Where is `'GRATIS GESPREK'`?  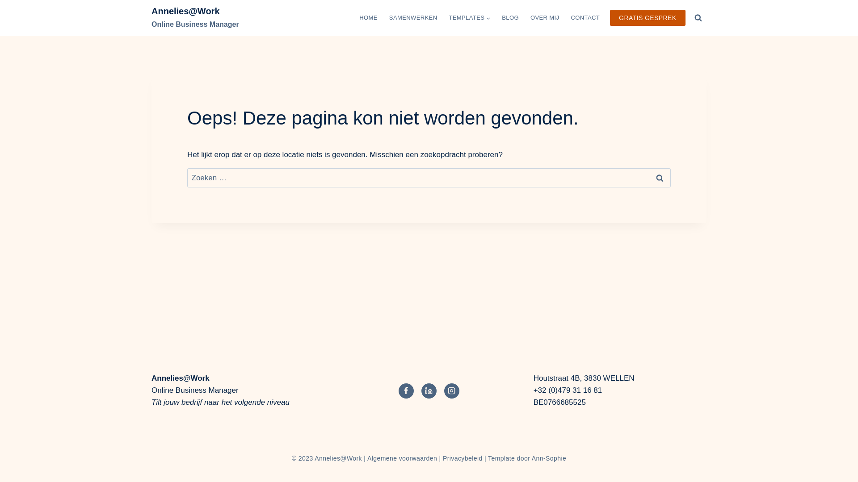 'GRATIS GESPREK' is located at coordinates (648, 18).